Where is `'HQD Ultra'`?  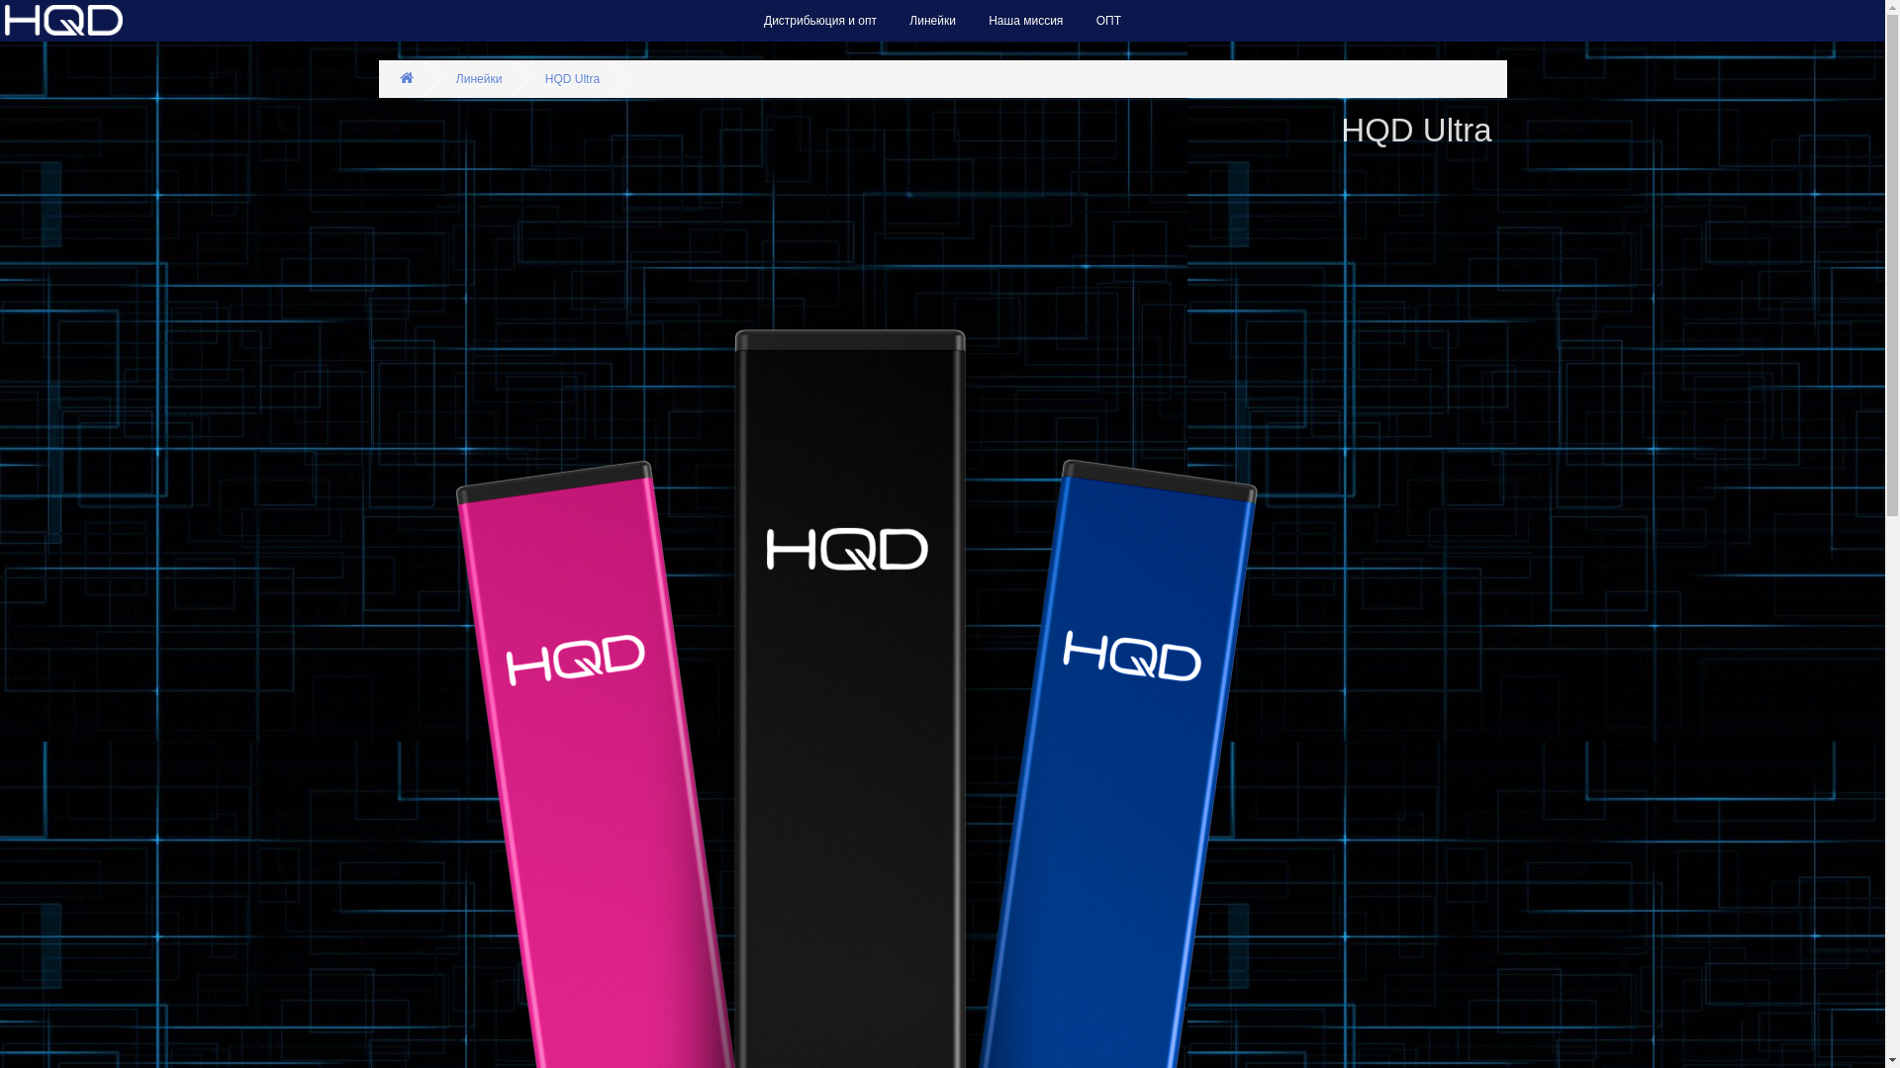 'HQD Ultra' is located at coordinates (571, 78).